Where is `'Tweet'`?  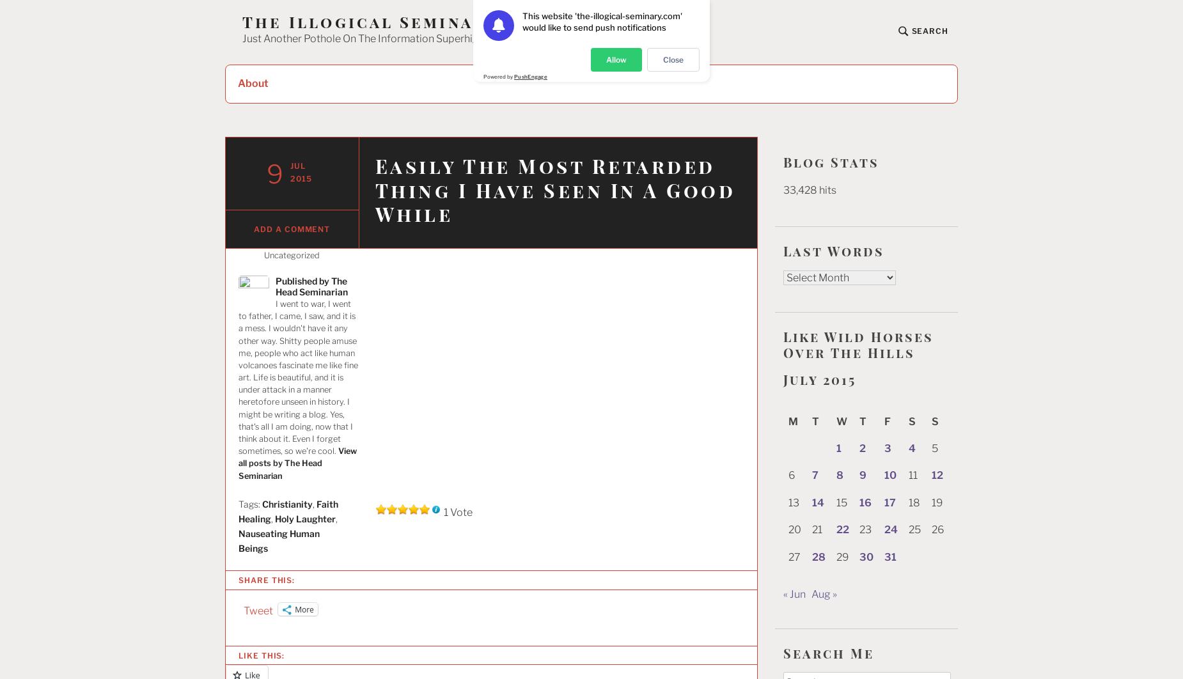
'Tweet' is located at coordinates (258, 610).